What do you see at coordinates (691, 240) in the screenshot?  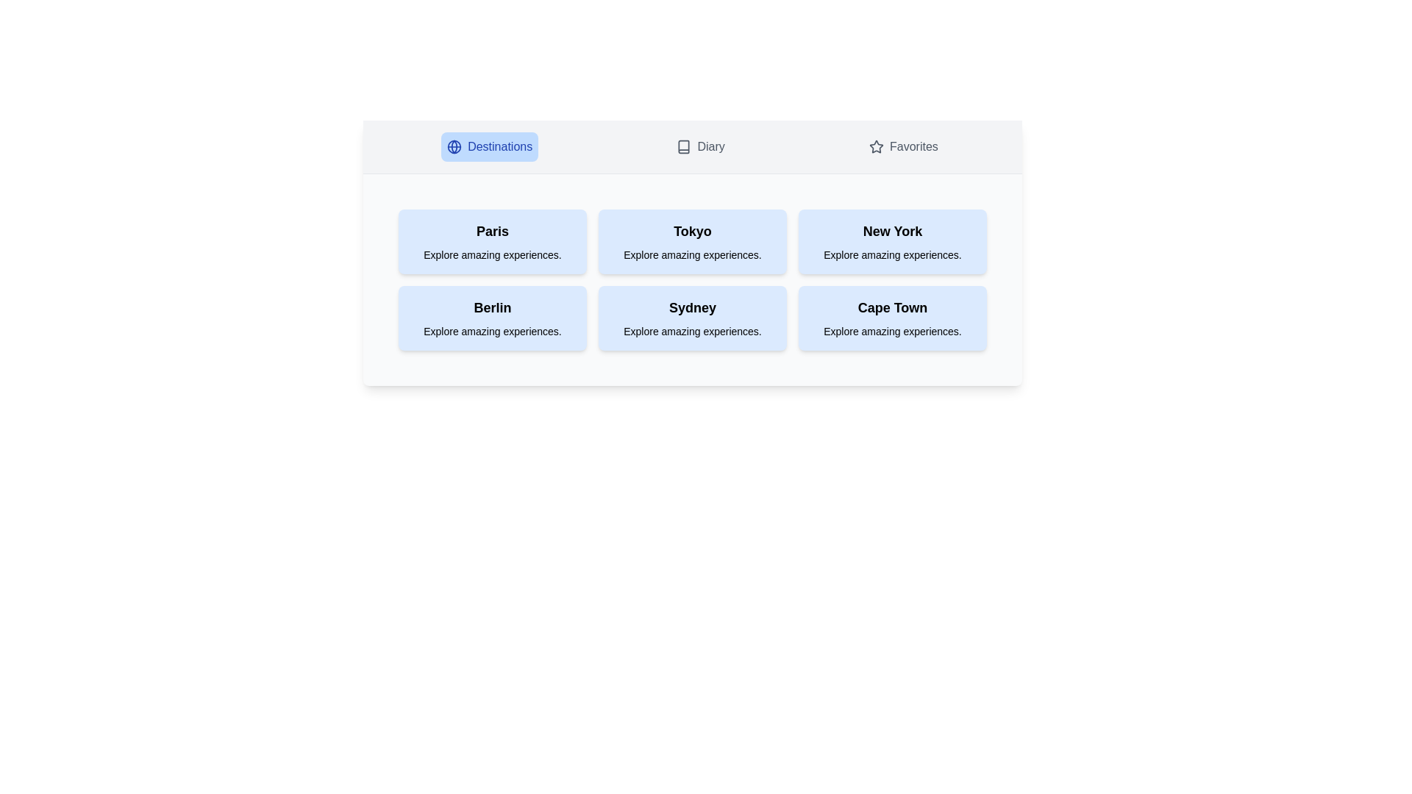 I see `the destination card labeled Tokyo` at bounding box center [691, 240].